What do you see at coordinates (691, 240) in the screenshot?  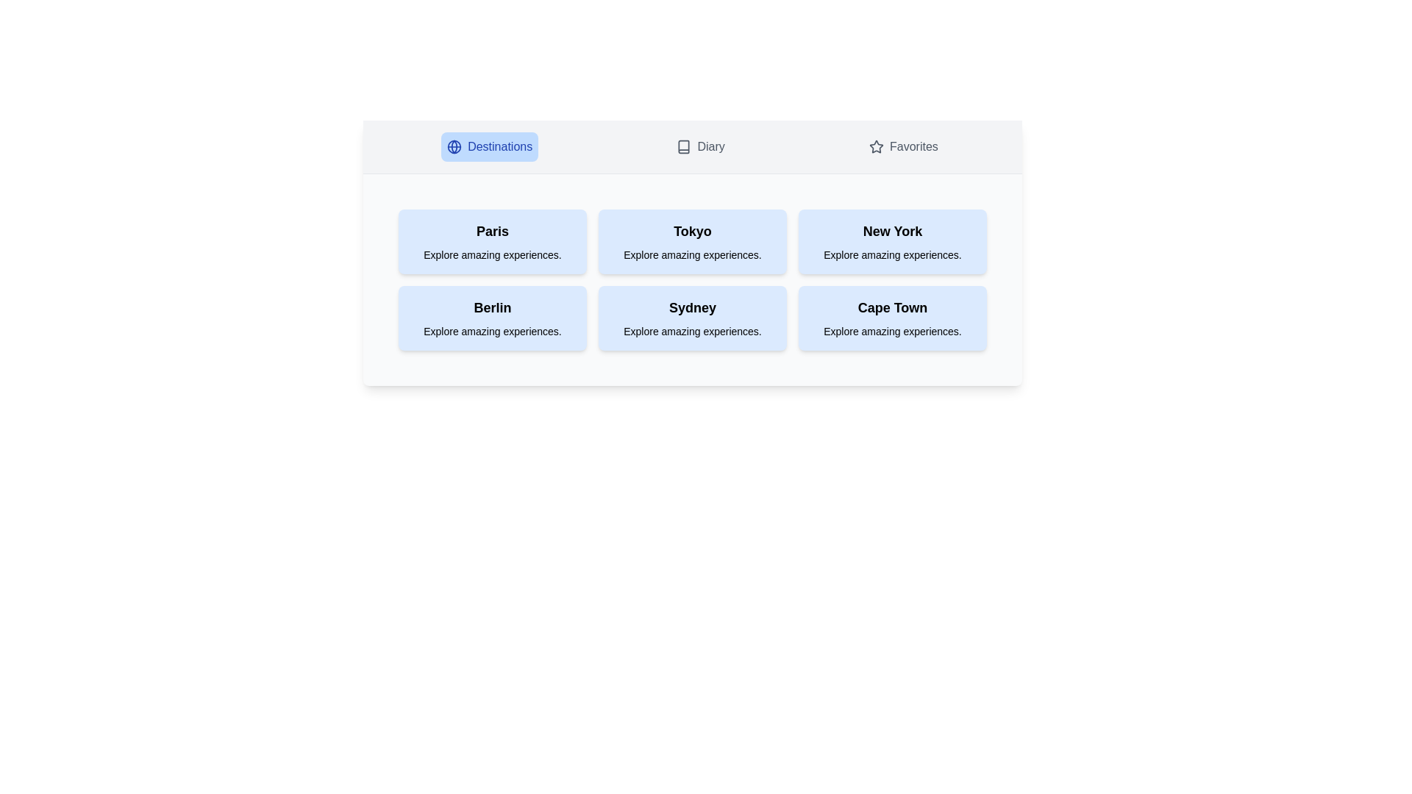 I see `the destination card labeled Tokyo` at bounding box center [691, 240].